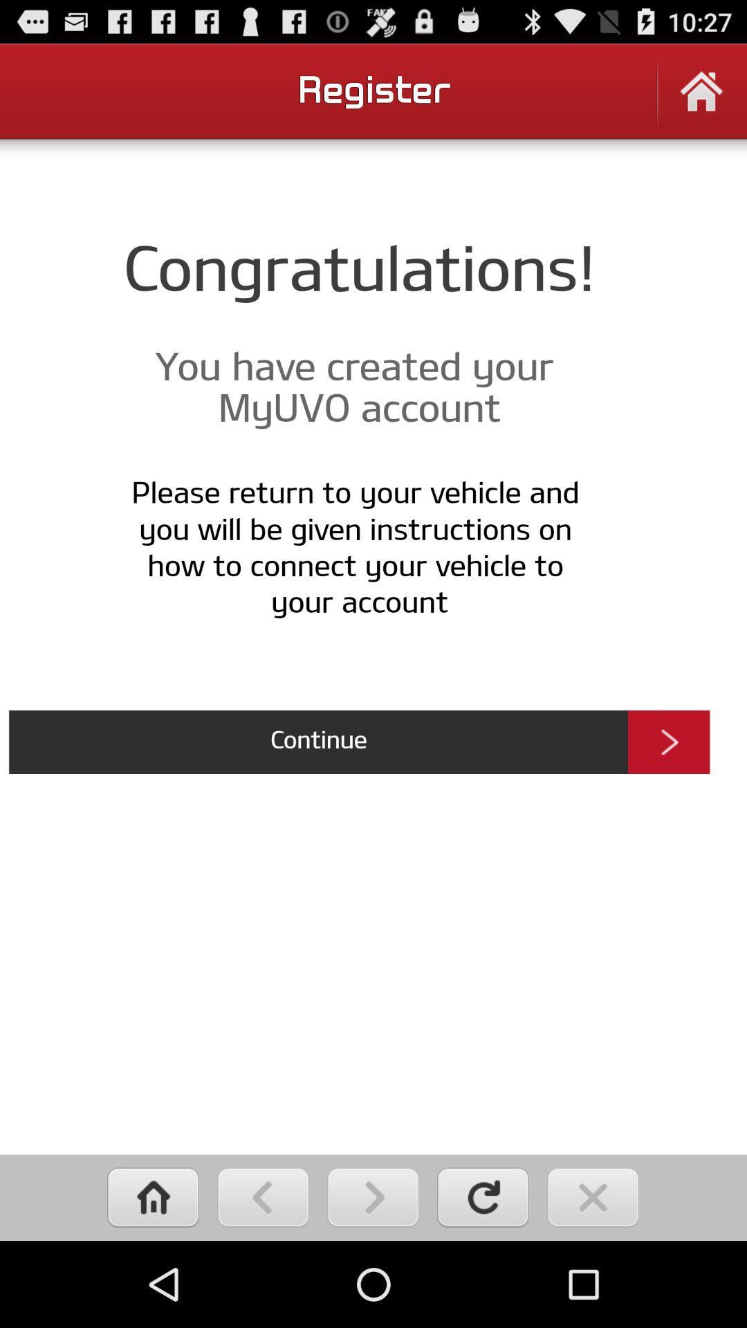 The image size is (747, 1328). I want to click on home screen, so click(701, 100).